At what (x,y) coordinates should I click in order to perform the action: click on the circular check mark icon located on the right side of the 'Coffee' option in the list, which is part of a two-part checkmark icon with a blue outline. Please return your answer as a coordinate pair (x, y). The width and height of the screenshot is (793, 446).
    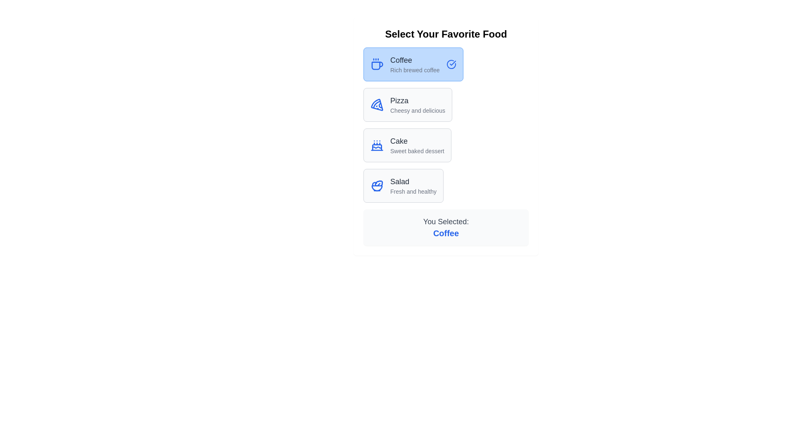
    Looking at the image, I should click on (451, 64).